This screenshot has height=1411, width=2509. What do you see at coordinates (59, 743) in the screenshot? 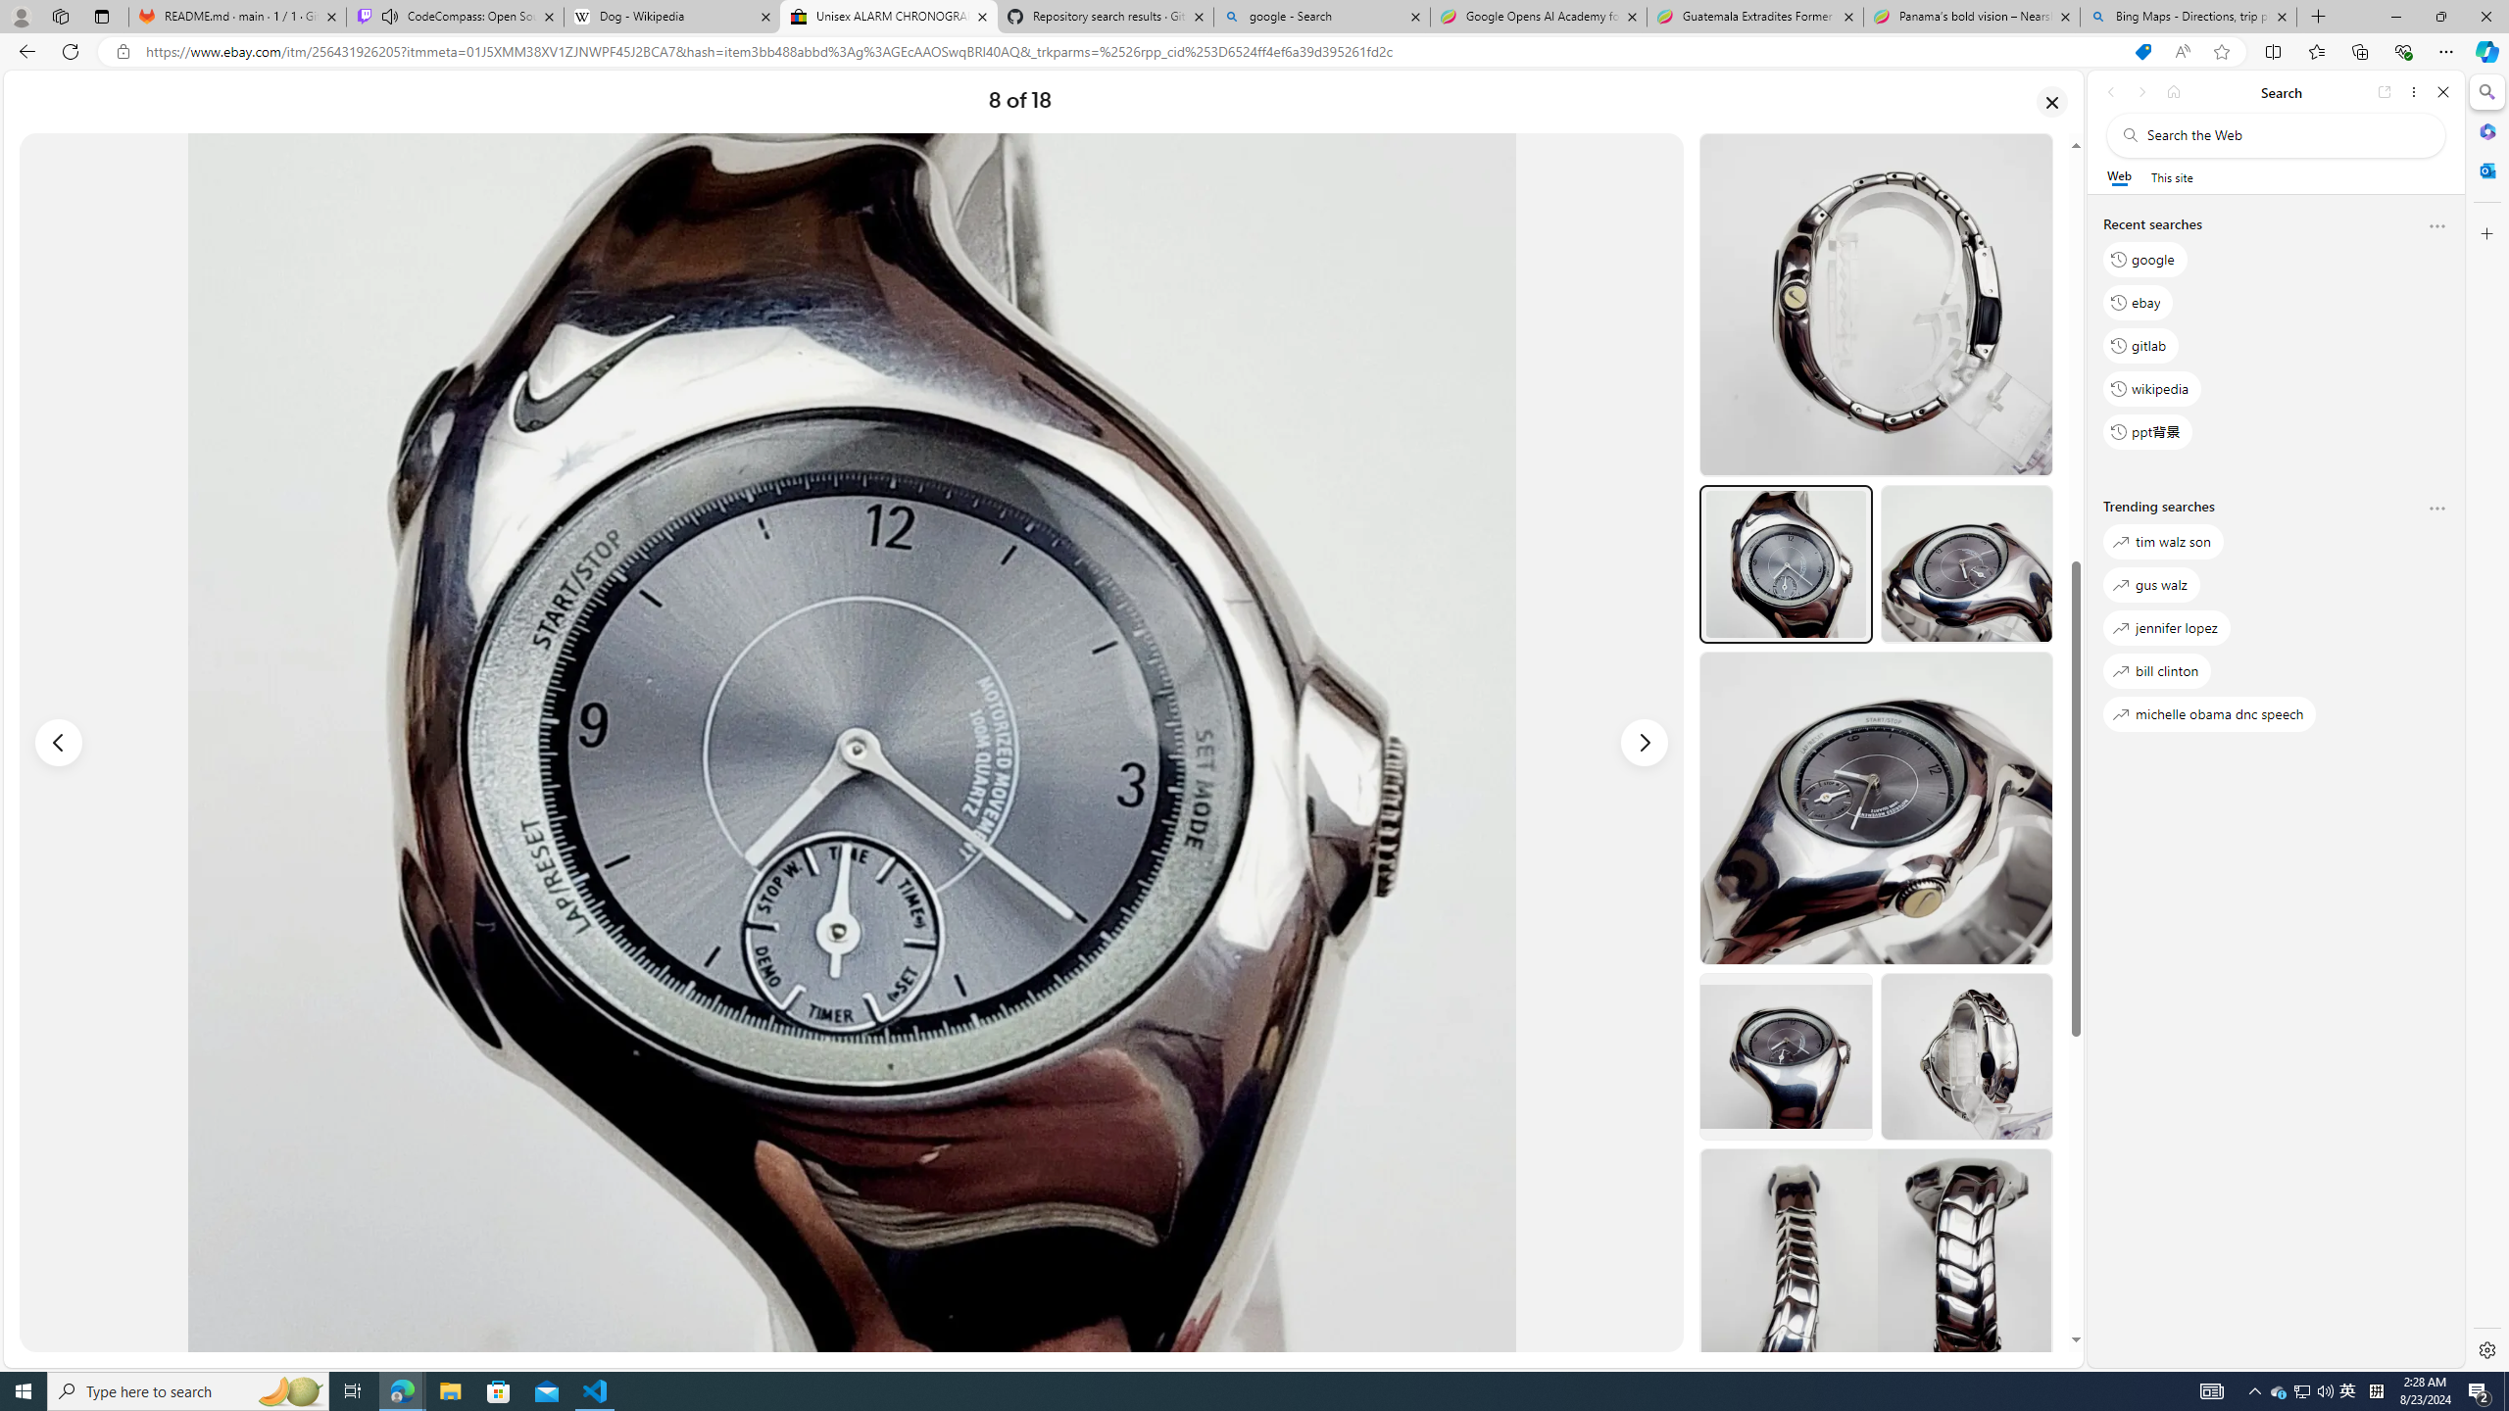
I see `'Previous image - Item images thumbnails'` at bounding box center [59, 743].